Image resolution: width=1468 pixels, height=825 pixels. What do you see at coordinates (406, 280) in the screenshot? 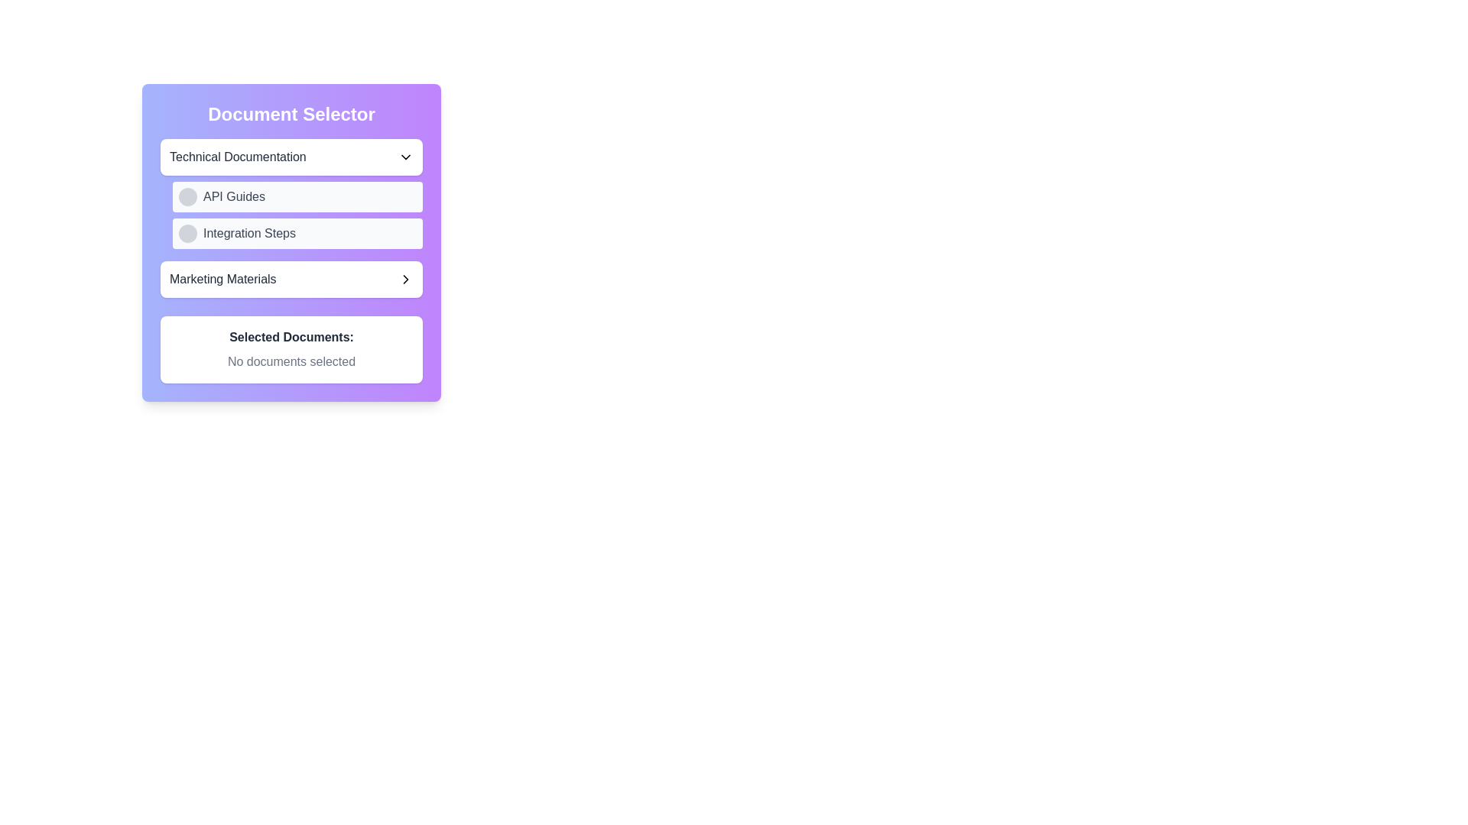
I see `the rightward-pointing chevron icon located near the right edge of the 'Marketing Materials' checkbox label` at bounding box center [406, 280].